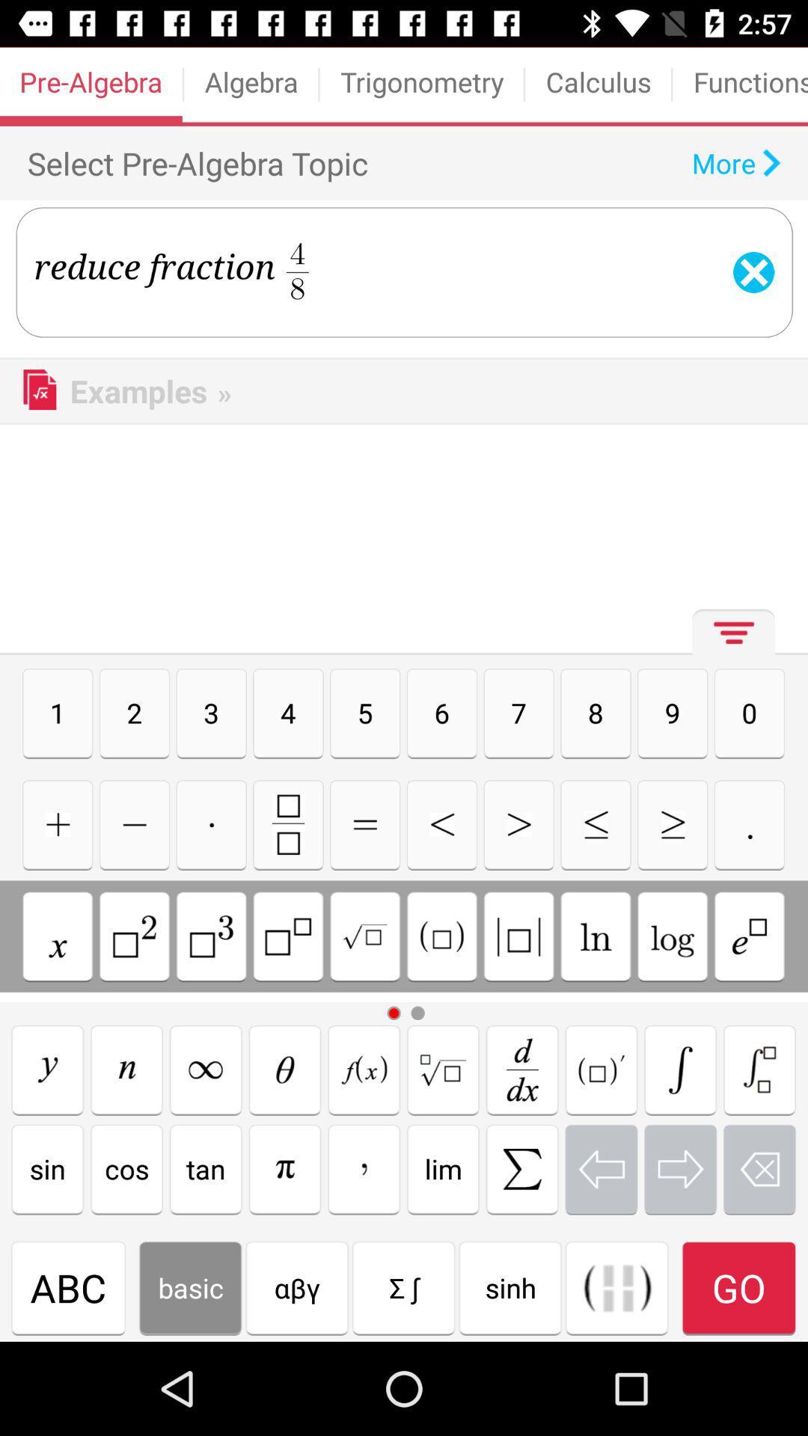 The image size is (808, 1436). What do you see at coordinates (57, 936) in the screenshot?
I see `input x symbol` at bounding box center [57, 936].